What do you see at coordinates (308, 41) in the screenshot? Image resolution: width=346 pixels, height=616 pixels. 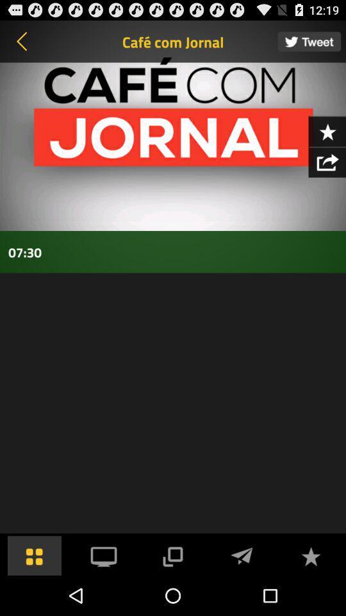 I see `share the program in twitter` at bounding box center [308, 41].